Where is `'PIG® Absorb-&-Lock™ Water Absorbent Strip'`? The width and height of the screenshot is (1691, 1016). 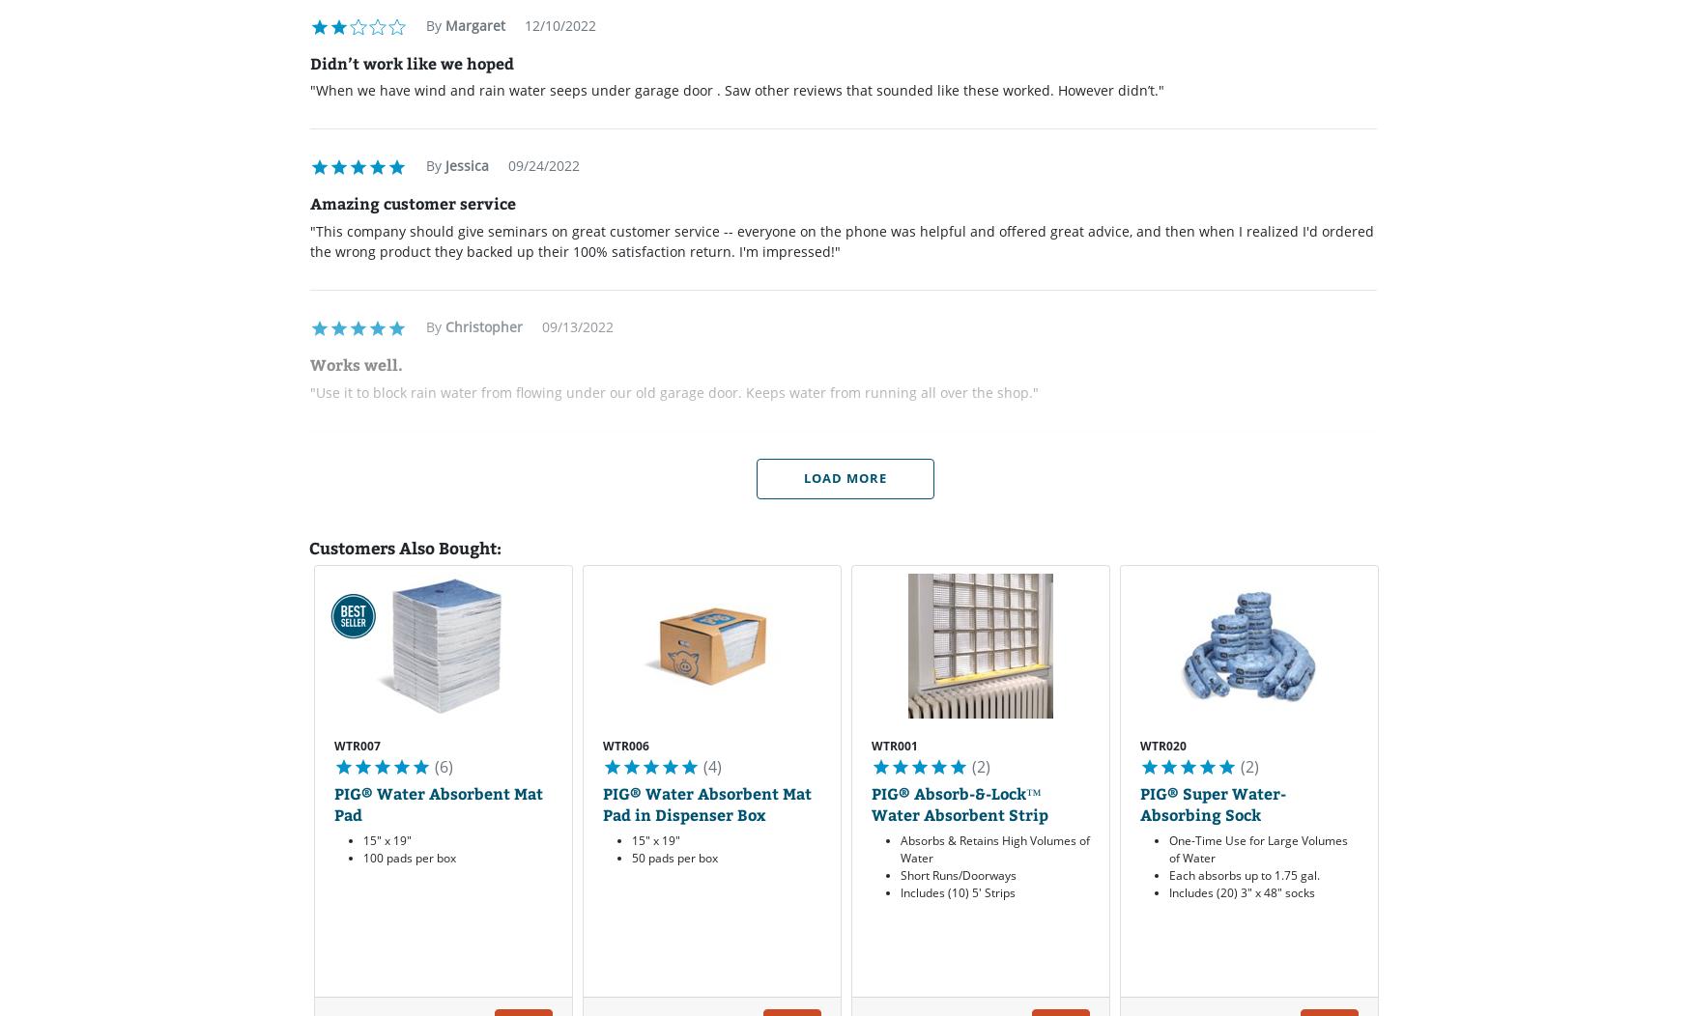 'PIG® Absorb-&-Lock™ Water Absorbent Strip' is located at coordinates (960, 804).